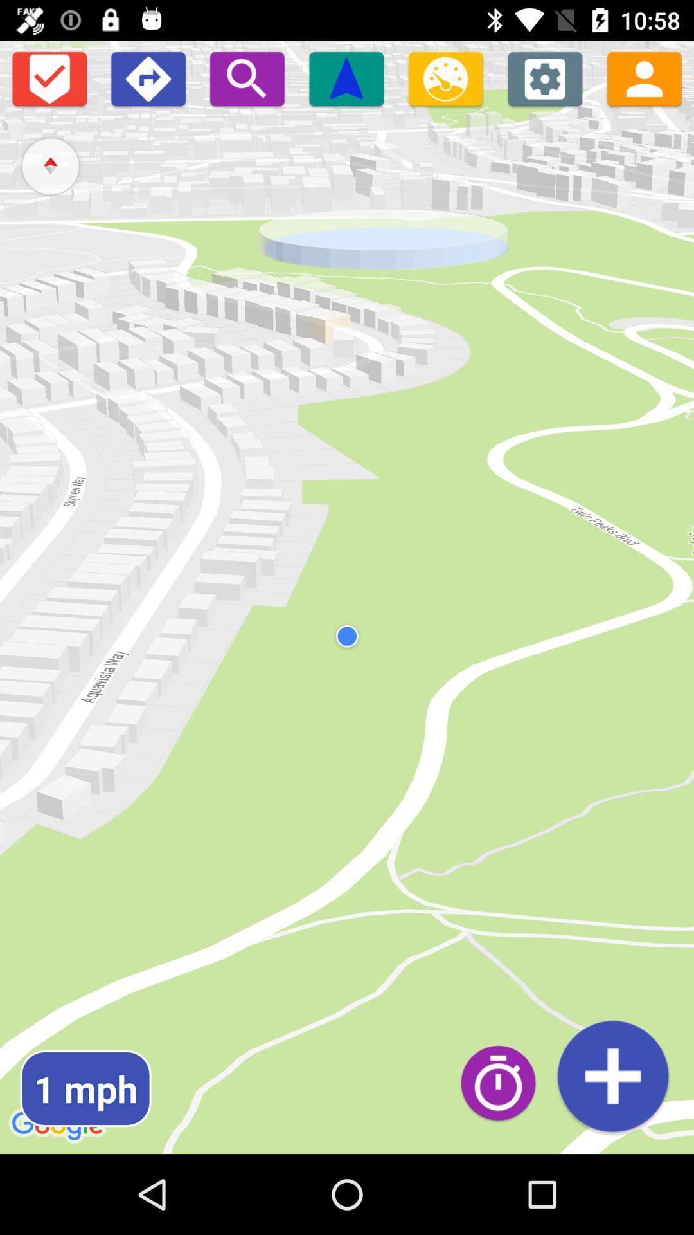  Describe the element at coordinates (504, 1082) in the screenshot. I see `the time icon` at that location.